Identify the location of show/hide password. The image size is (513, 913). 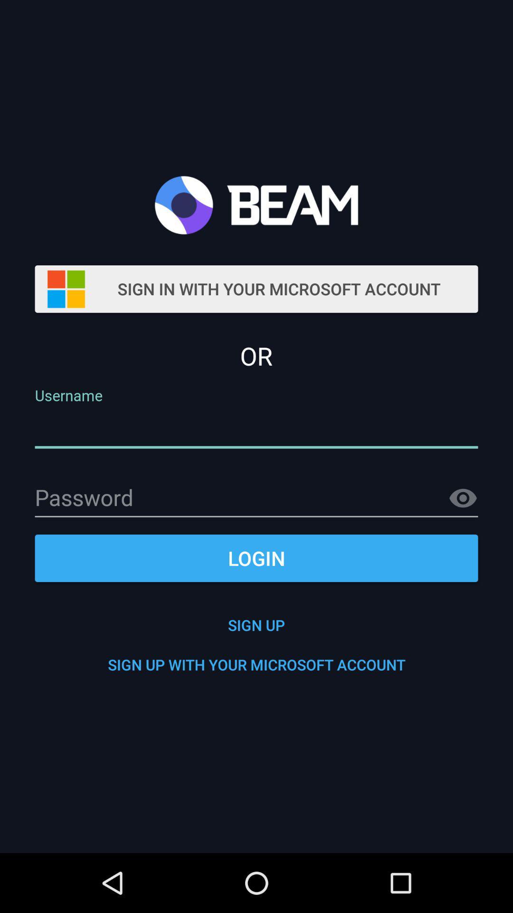
(463, 498).